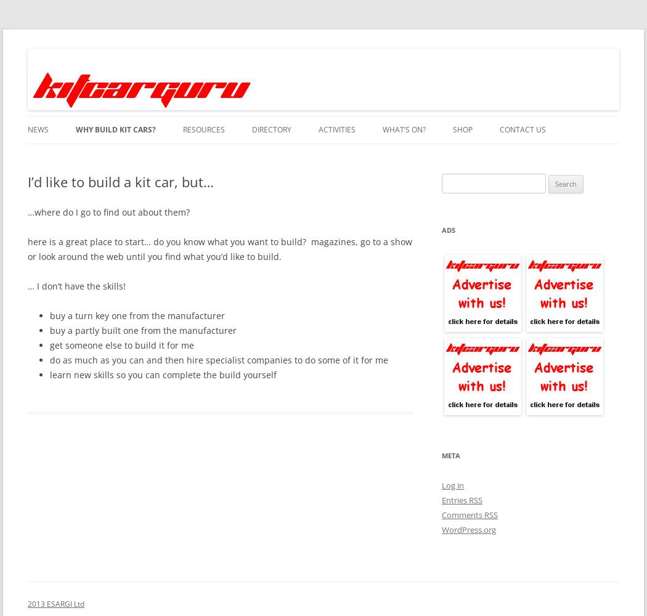 The height and width of the screenshot is (616, 647). Describe the element at coordinates (523, 129) in the screenshot. I see `'Contact Us'` at that location.